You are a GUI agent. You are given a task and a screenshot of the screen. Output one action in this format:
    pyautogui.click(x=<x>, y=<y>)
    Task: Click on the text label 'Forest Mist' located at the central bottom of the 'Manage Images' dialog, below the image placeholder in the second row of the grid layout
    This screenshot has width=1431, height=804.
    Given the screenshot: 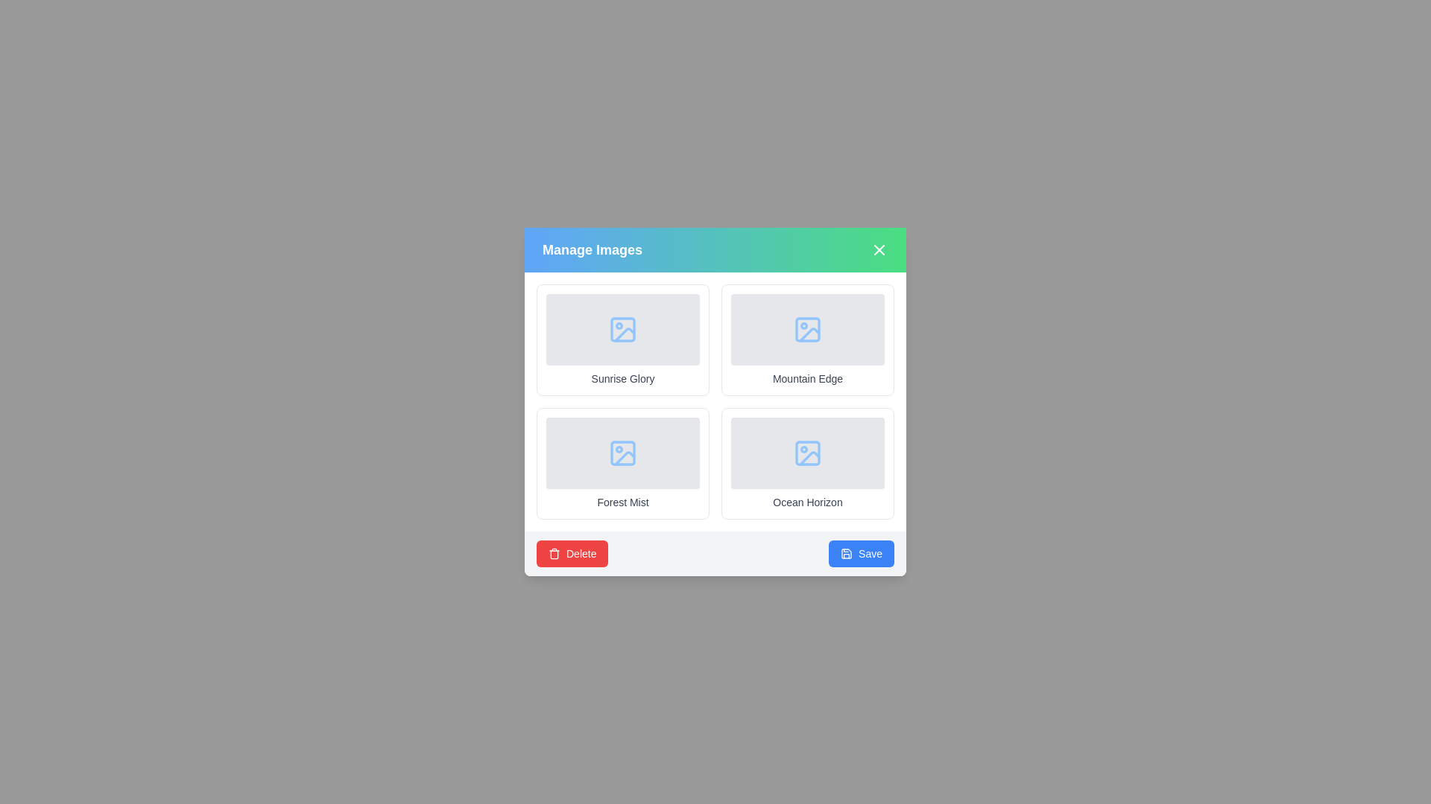 What is the action you would take?
    pyautogui.click(x=622, y=502)
    